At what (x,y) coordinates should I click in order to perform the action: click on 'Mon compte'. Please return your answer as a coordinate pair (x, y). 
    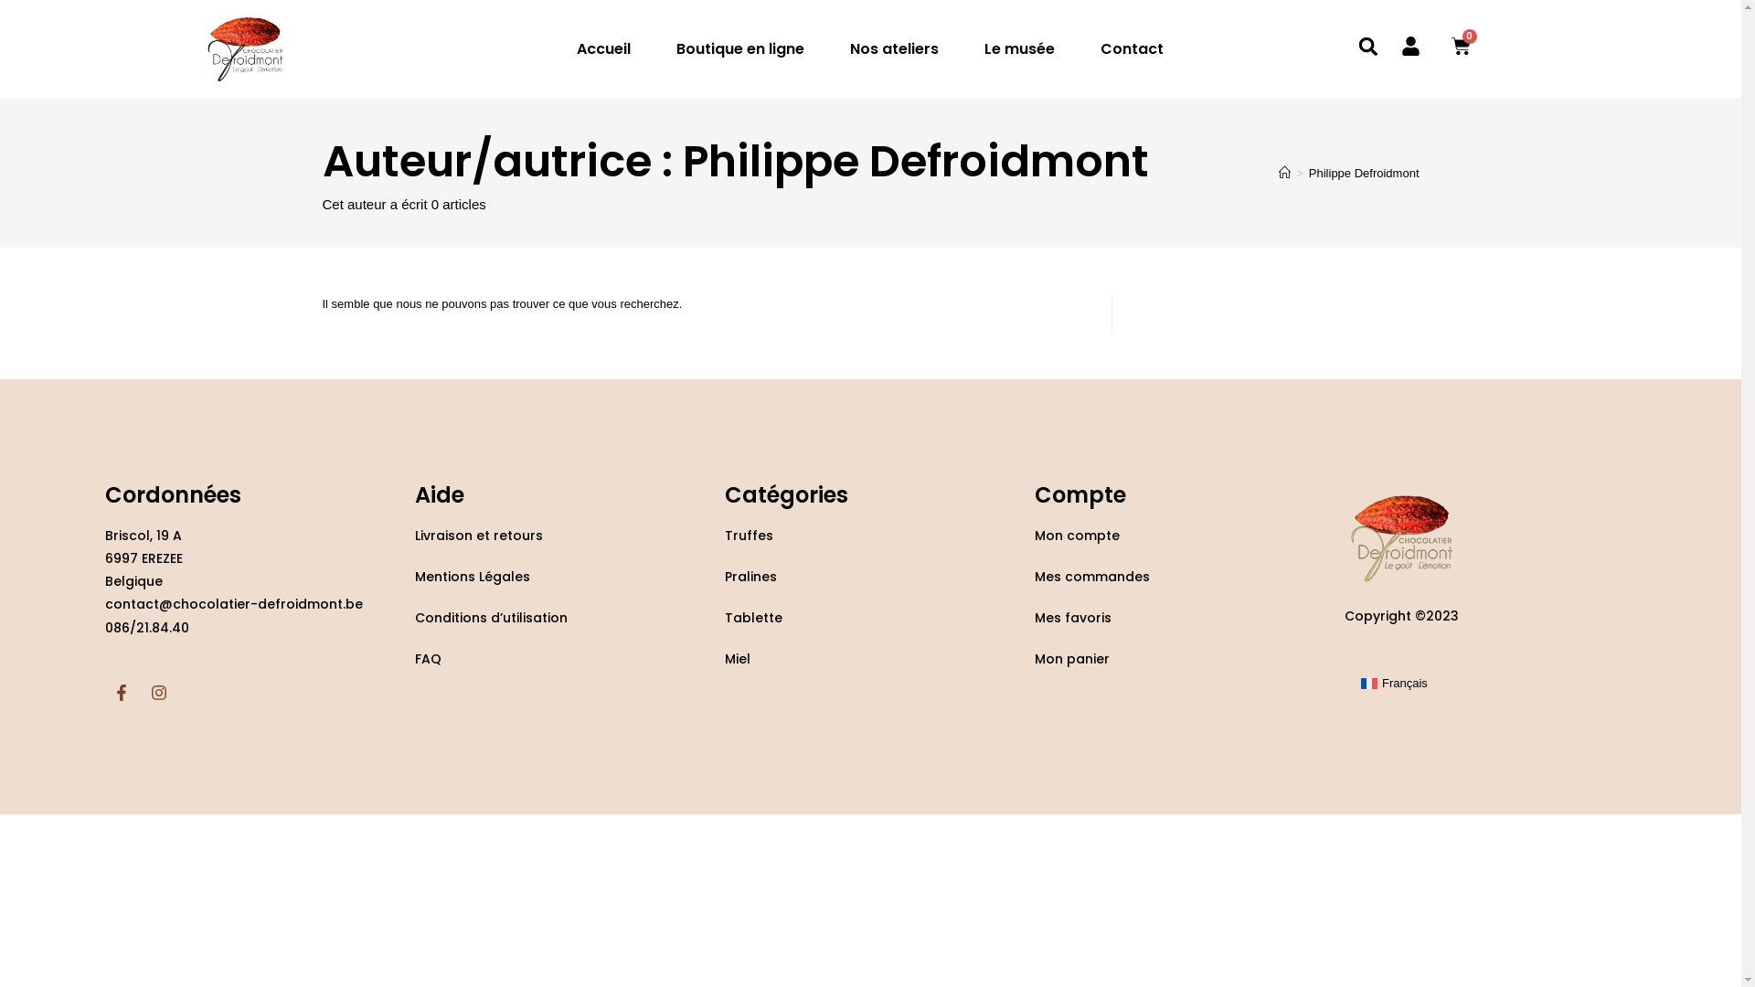
    Looking at the image, I should click on (1077, 535).